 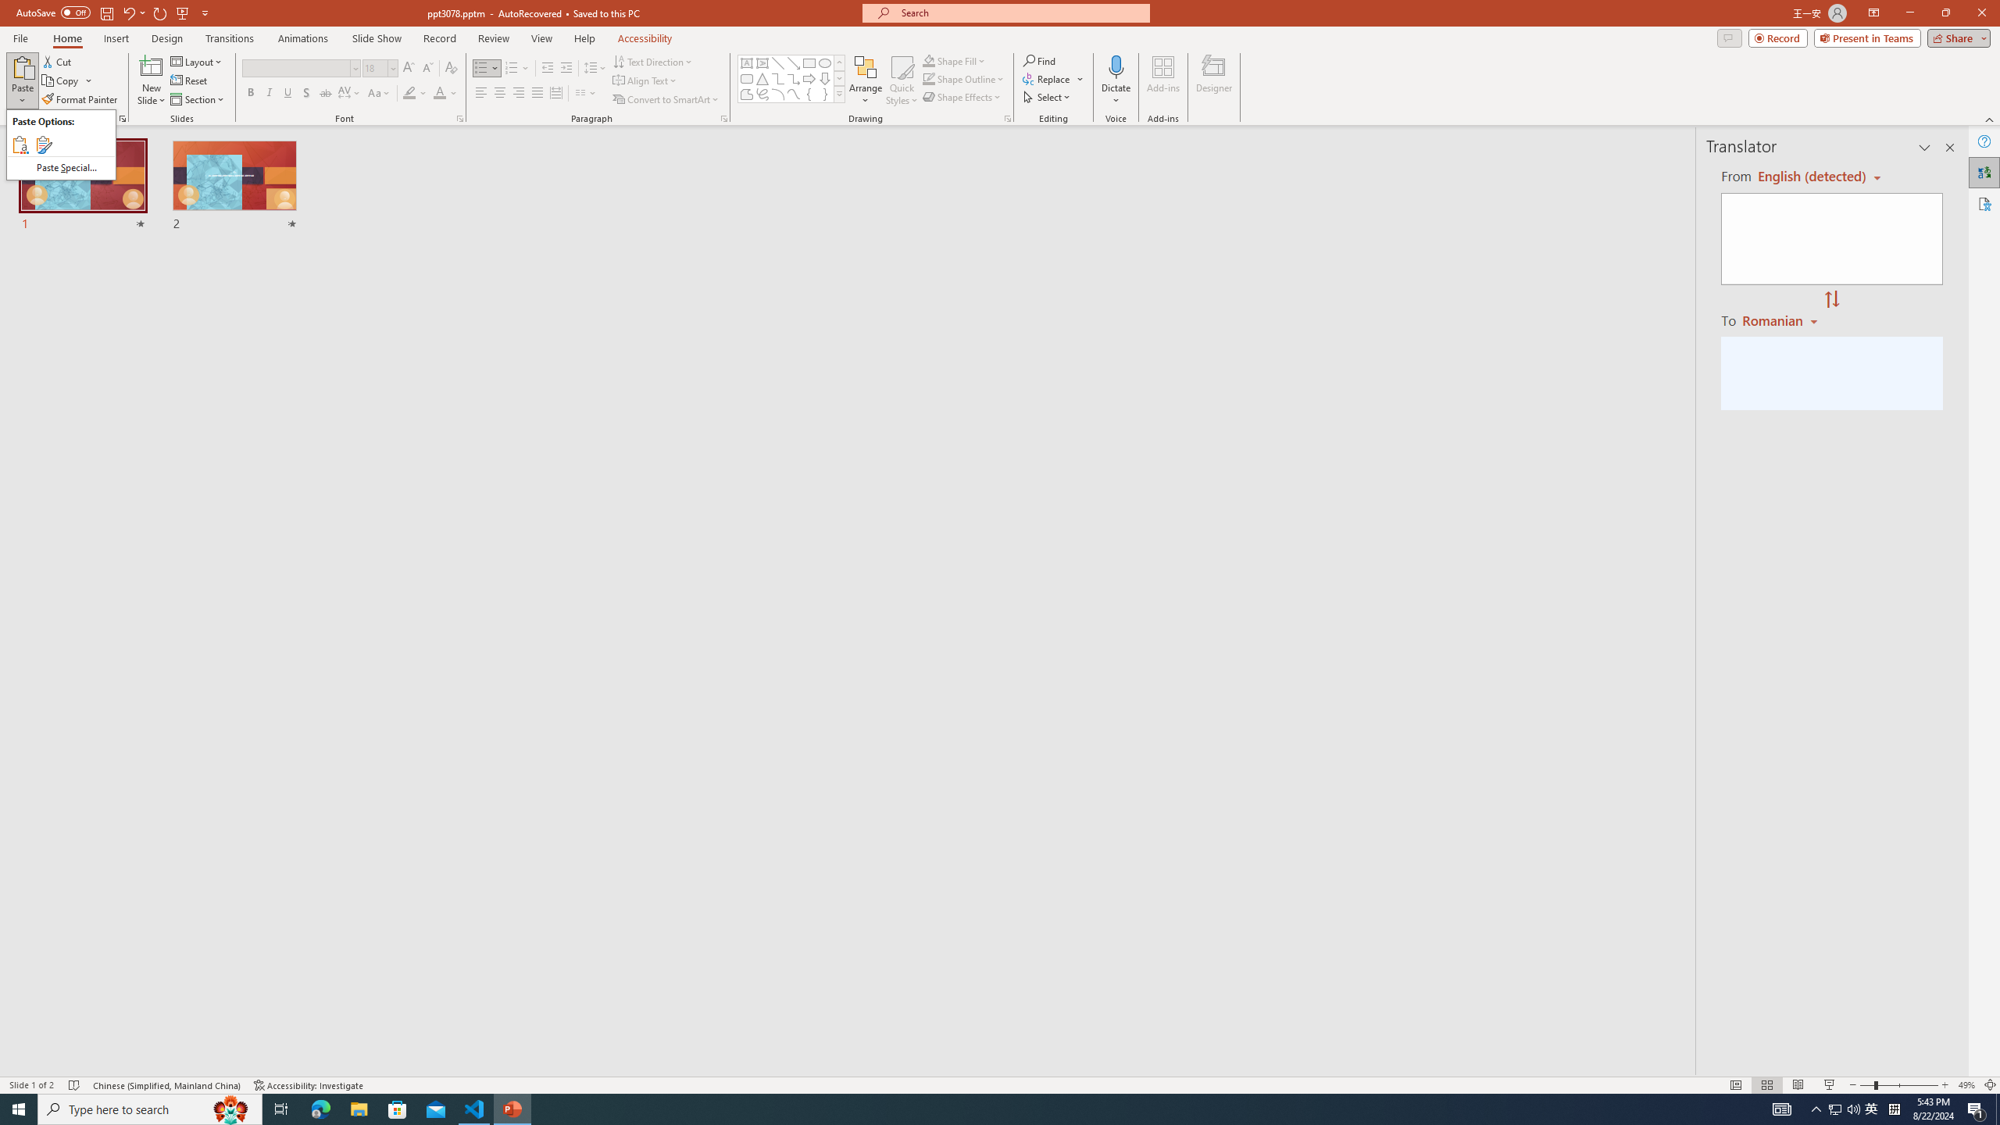 I want to click on 'Class: NetUIImage', so click(x=837, y=93).